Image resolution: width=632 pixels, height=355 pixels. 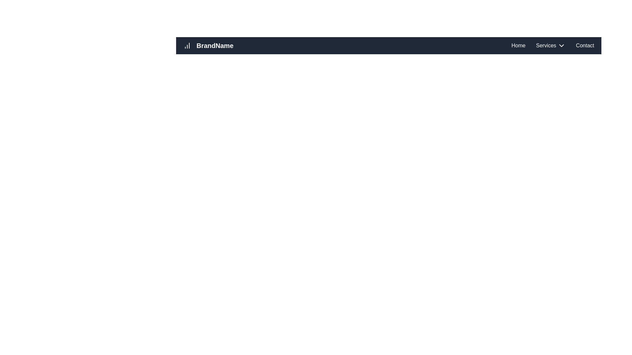 I want to click on the clickable brand logo located at the top-left corner of the page, so click(x=208, y=45).